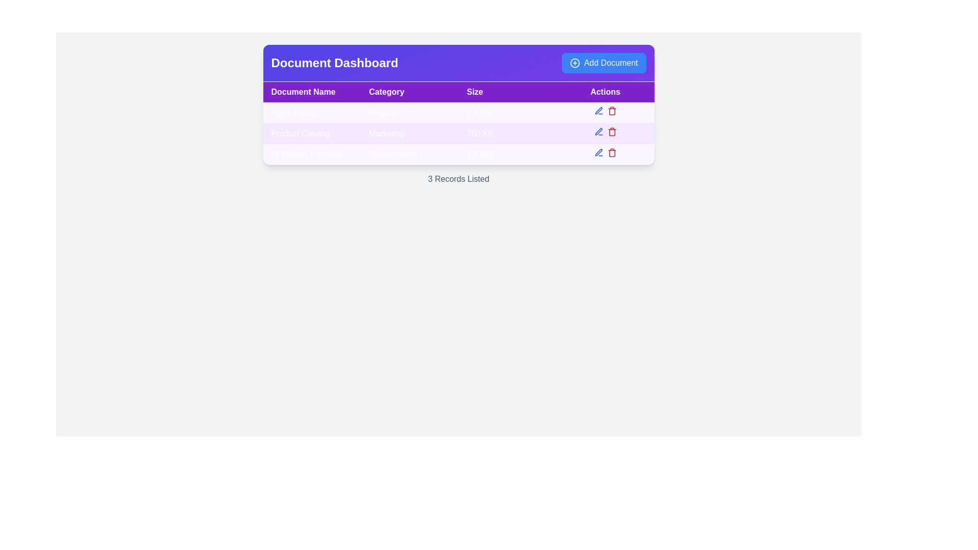  What do you see at coordinates (611, 153) in the screenshot?
I see `the trash can icon in the 'Actions' column of the third row ('UI Update Proposal') in the table` at bounding box center [611, 153].